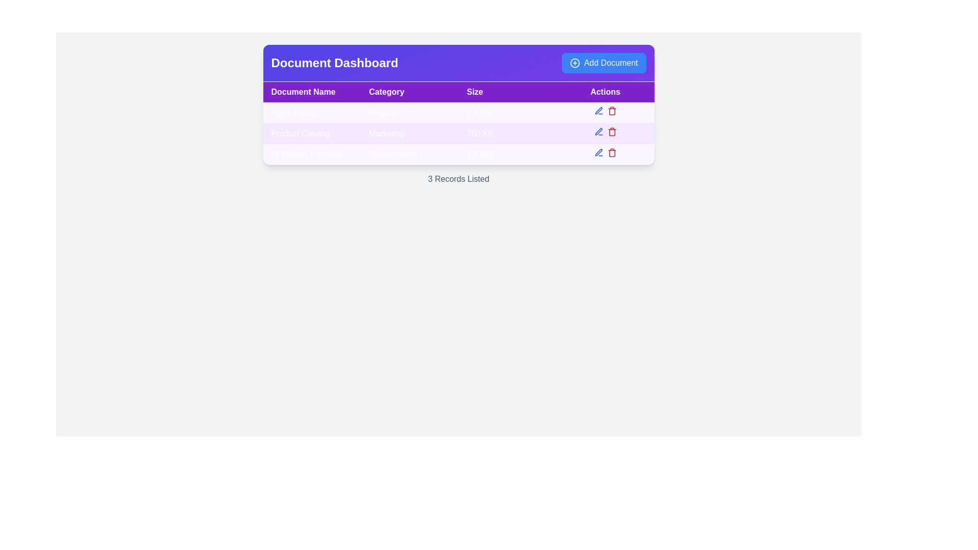  What do you see at coordinates (611, 153) in the screenshot?
I see `the trash can icon in the 'Actions' column of the third row ('UI Update Proposal') in the table` at bounding box center [611, 153].